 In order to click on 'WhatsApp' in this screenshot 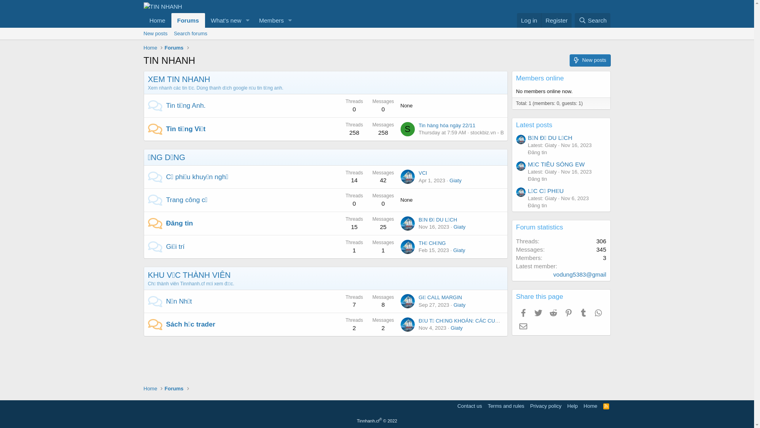, I will do `click(598, 313)`.